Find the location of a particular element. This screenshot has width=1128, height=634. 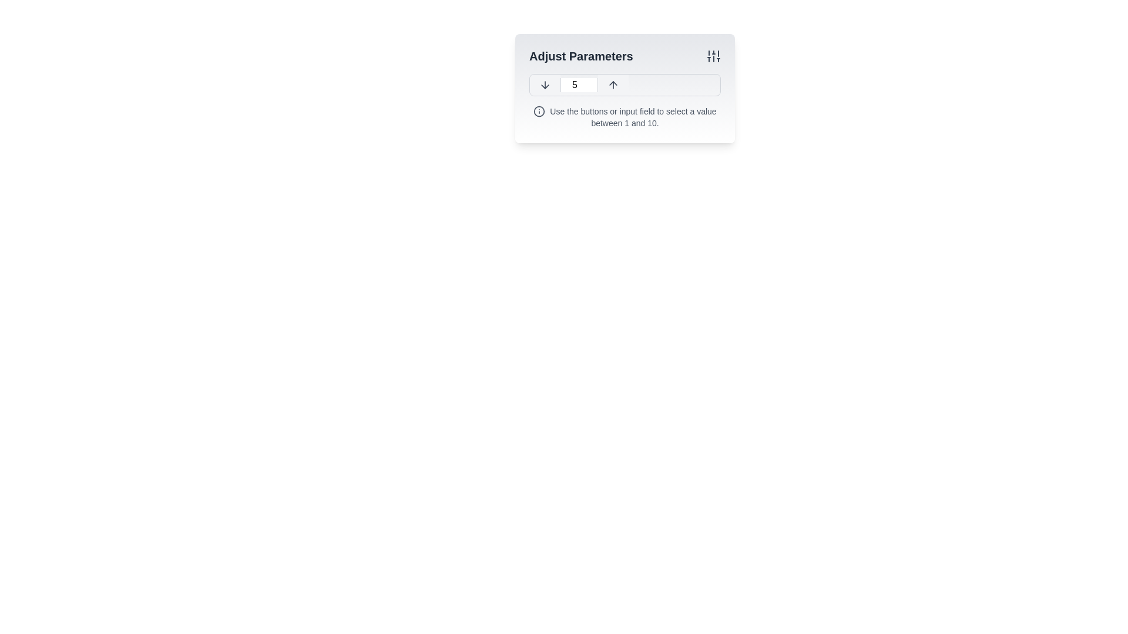

the increment and decrement arrows of the number input control located below the title 'Adjust Parameters' is located at coordinates (625, 85).